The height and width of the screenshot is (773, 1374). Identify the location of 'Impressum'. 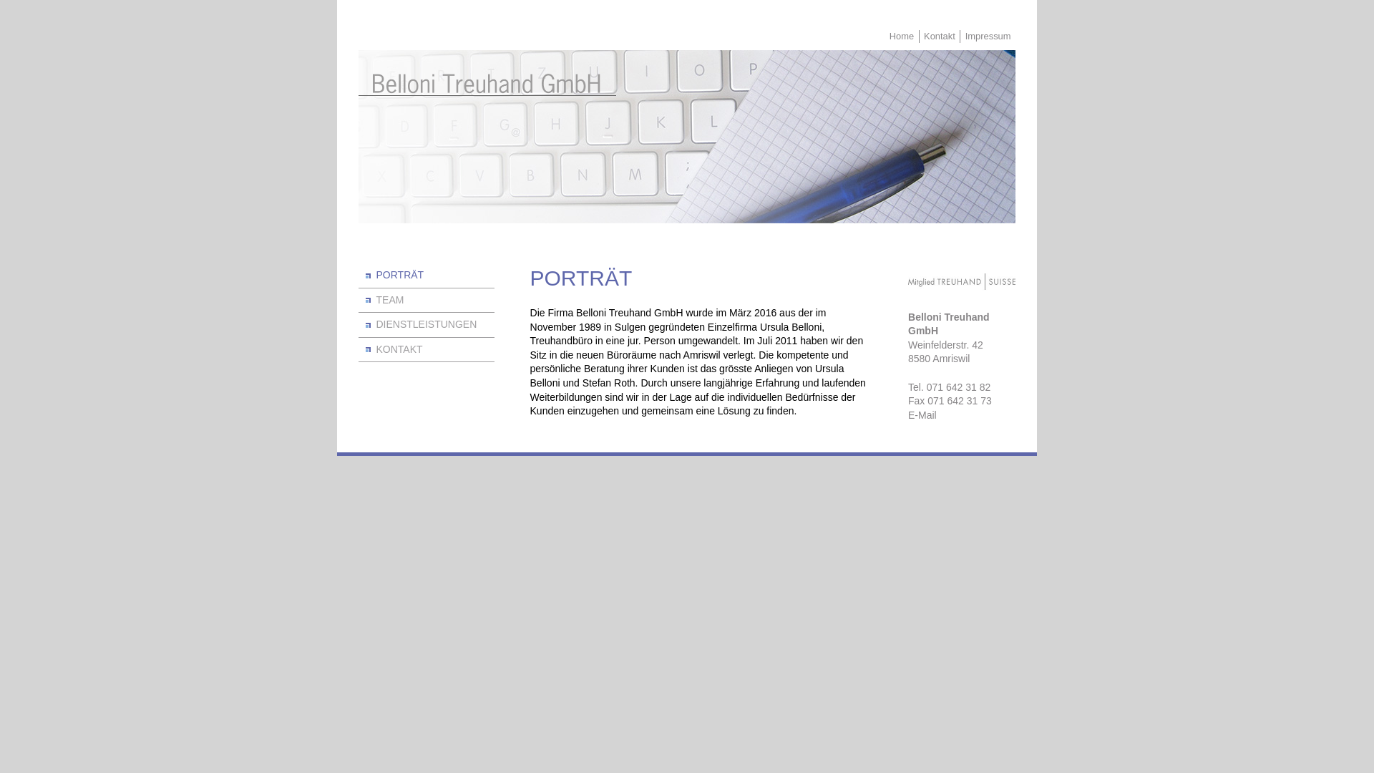
(987, 35).